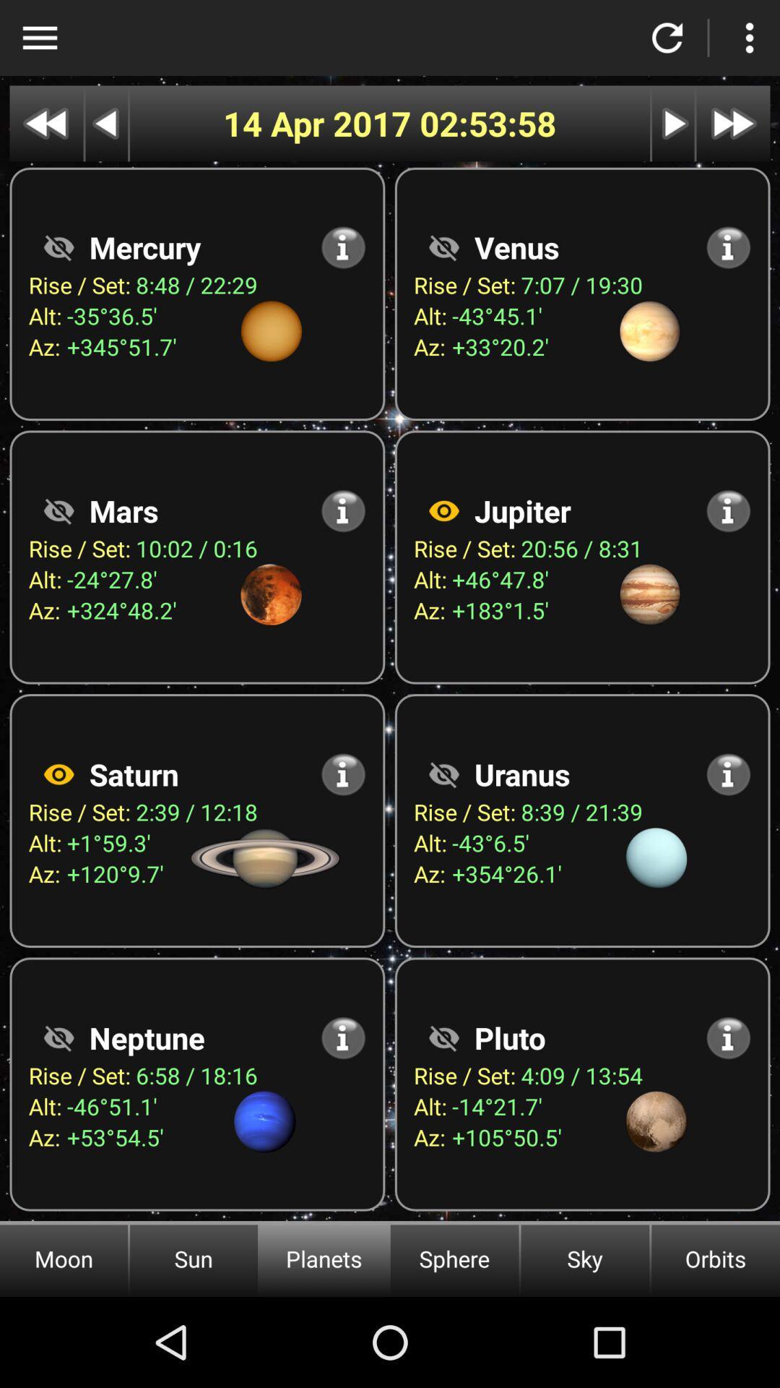 This screenshot has width=780, height=1388. I want to click on app next to the 02:53:58, so click(321, 124).